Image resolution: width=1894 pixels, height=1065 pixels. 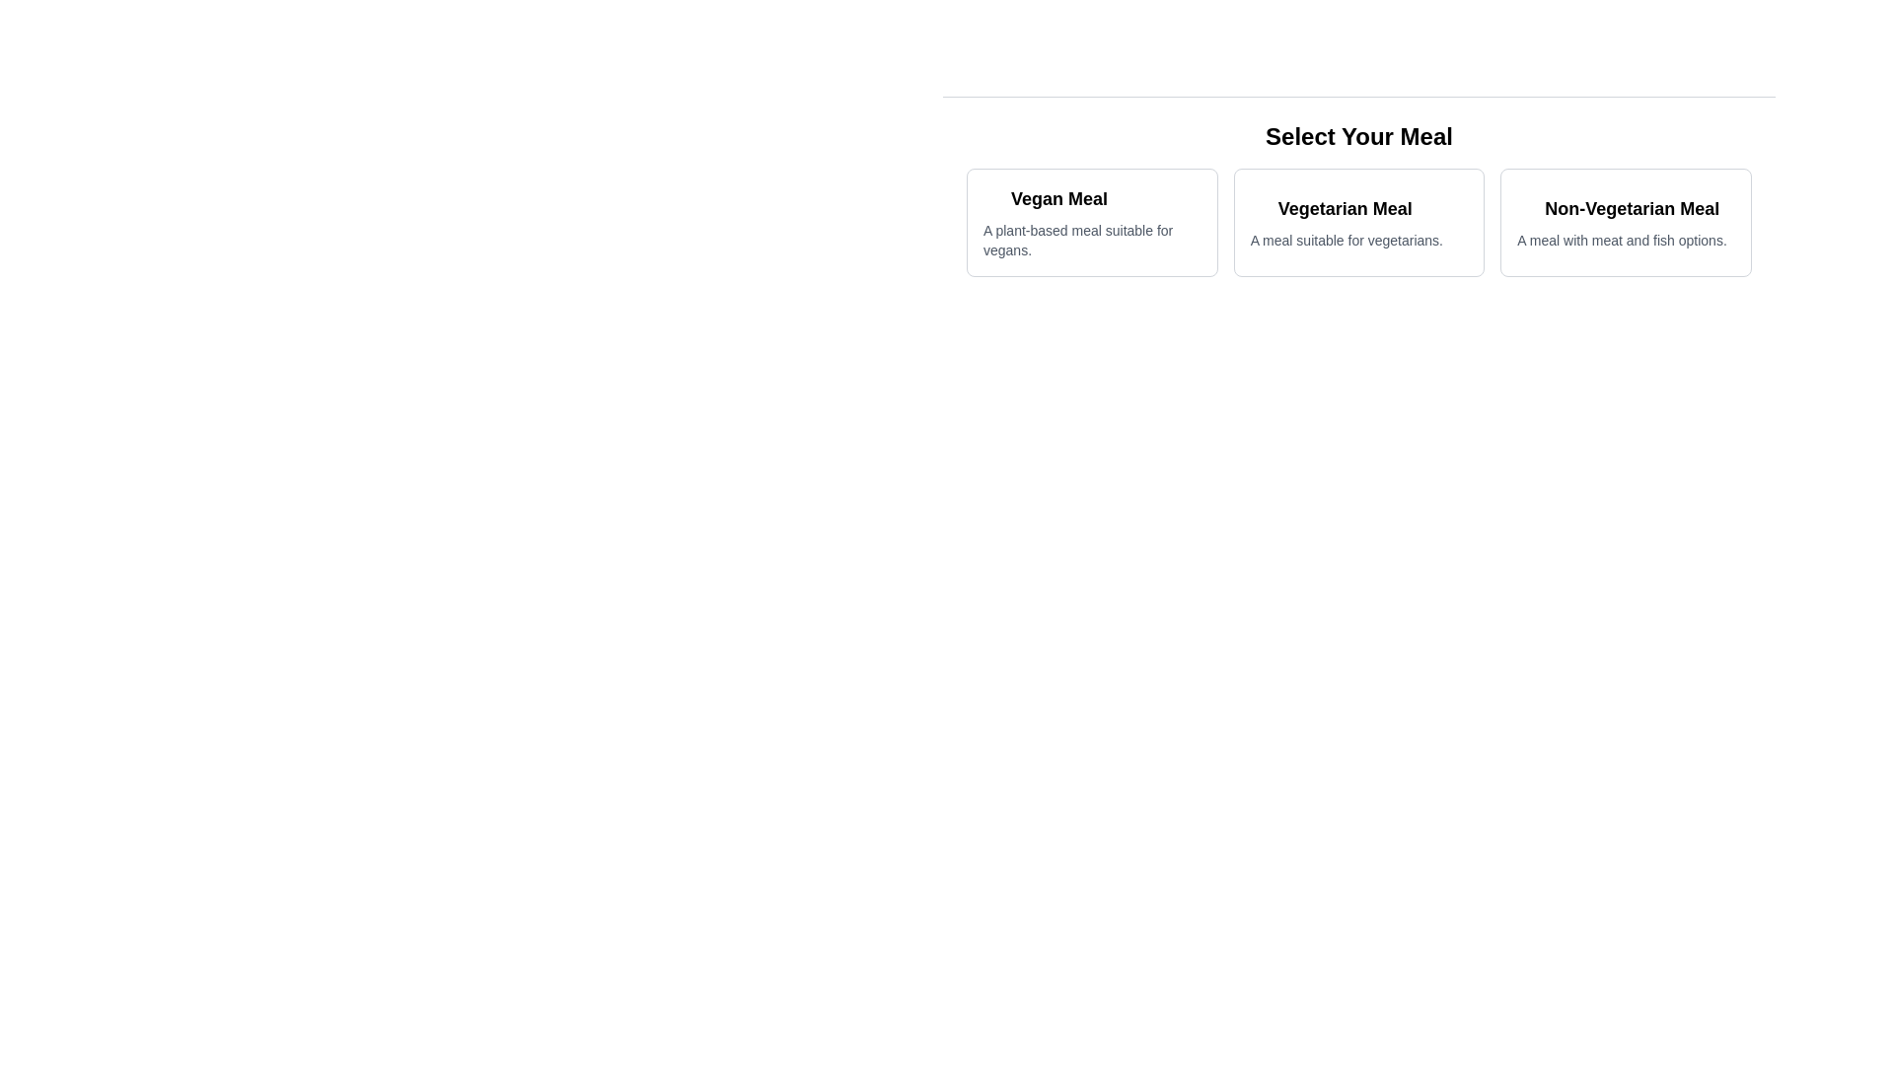 I want to click on the text label that describes 'A plant-based meal suitable for vegans.' located directly below the title 'Vegan Meal' in the leftmost card of three in a grid layout, so click(x=1091, y=239).